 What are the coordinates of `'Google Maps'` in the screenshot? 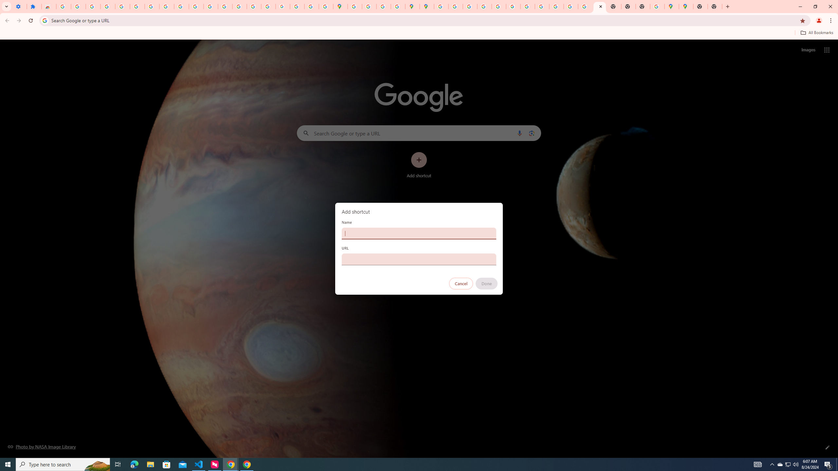 It's located at (671, 6).